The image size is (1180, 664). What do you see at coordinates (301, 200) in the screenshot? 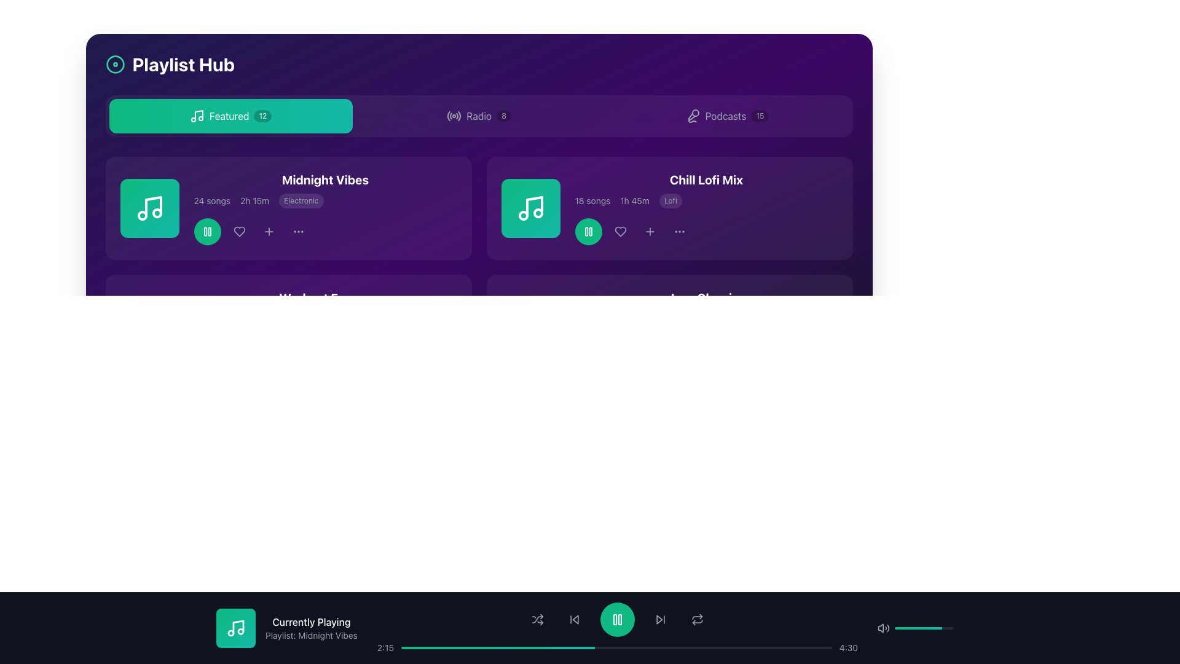
I see `the rounded rectangular label with the text 'Electronic' located within the 'Midnight Vibes' music playlist card, positioned to the right of the duration text '2h 15m'` at bounding box center [301, 200].